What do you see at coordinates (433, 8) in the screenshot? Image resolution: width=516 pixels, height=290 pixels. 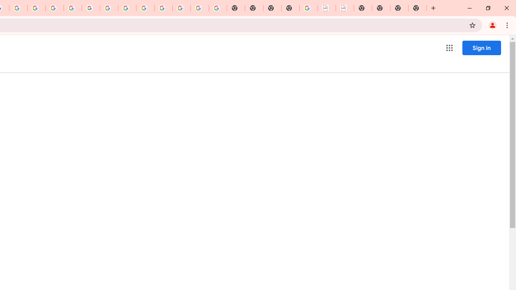 I see `'New Tab'` at bounding box center [433, 8].